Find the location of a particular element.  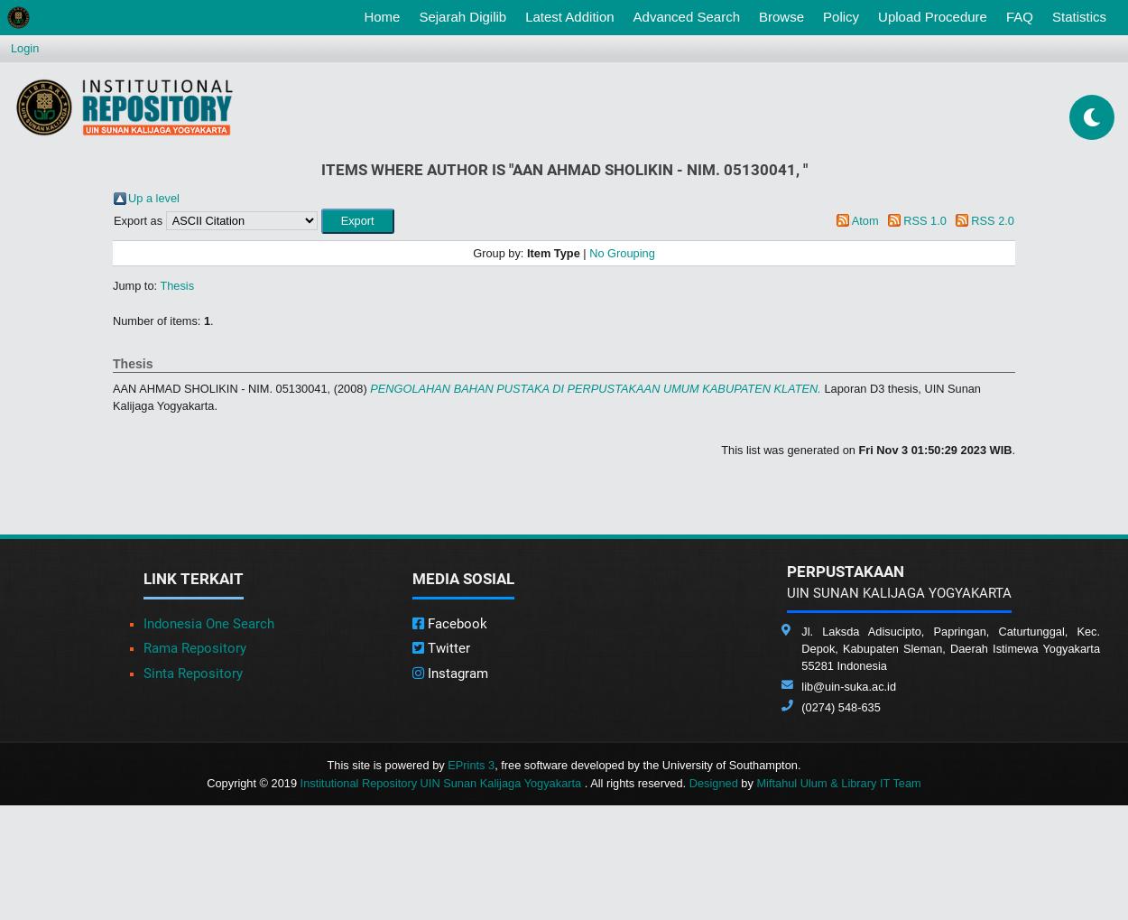

'Number of items:' is located at coordinates (158, 320).